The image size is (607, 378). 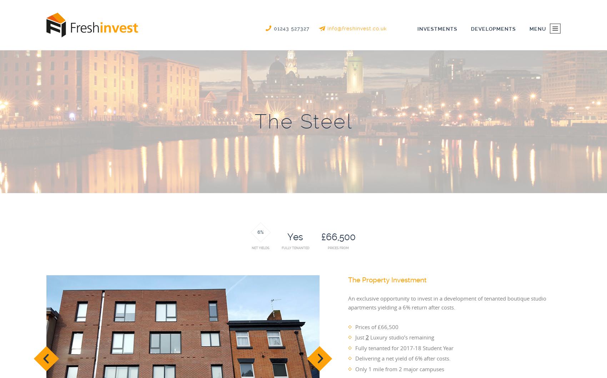 I want to click on 'Net Yields', so click(x=260, y=248).